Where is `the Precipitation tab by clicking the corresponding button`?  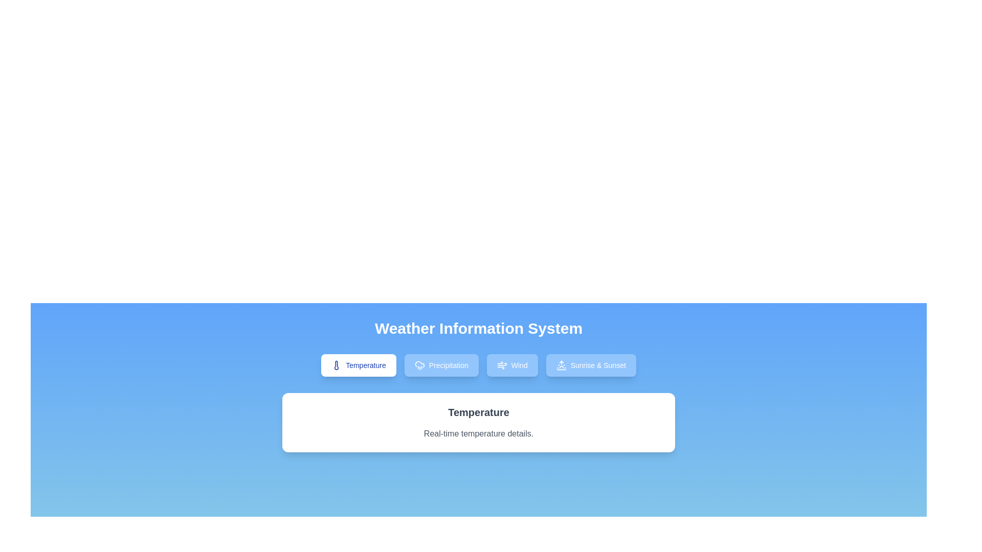
the Precipitation tab by clicking the corresponding button is located at coordinates (441, 364).